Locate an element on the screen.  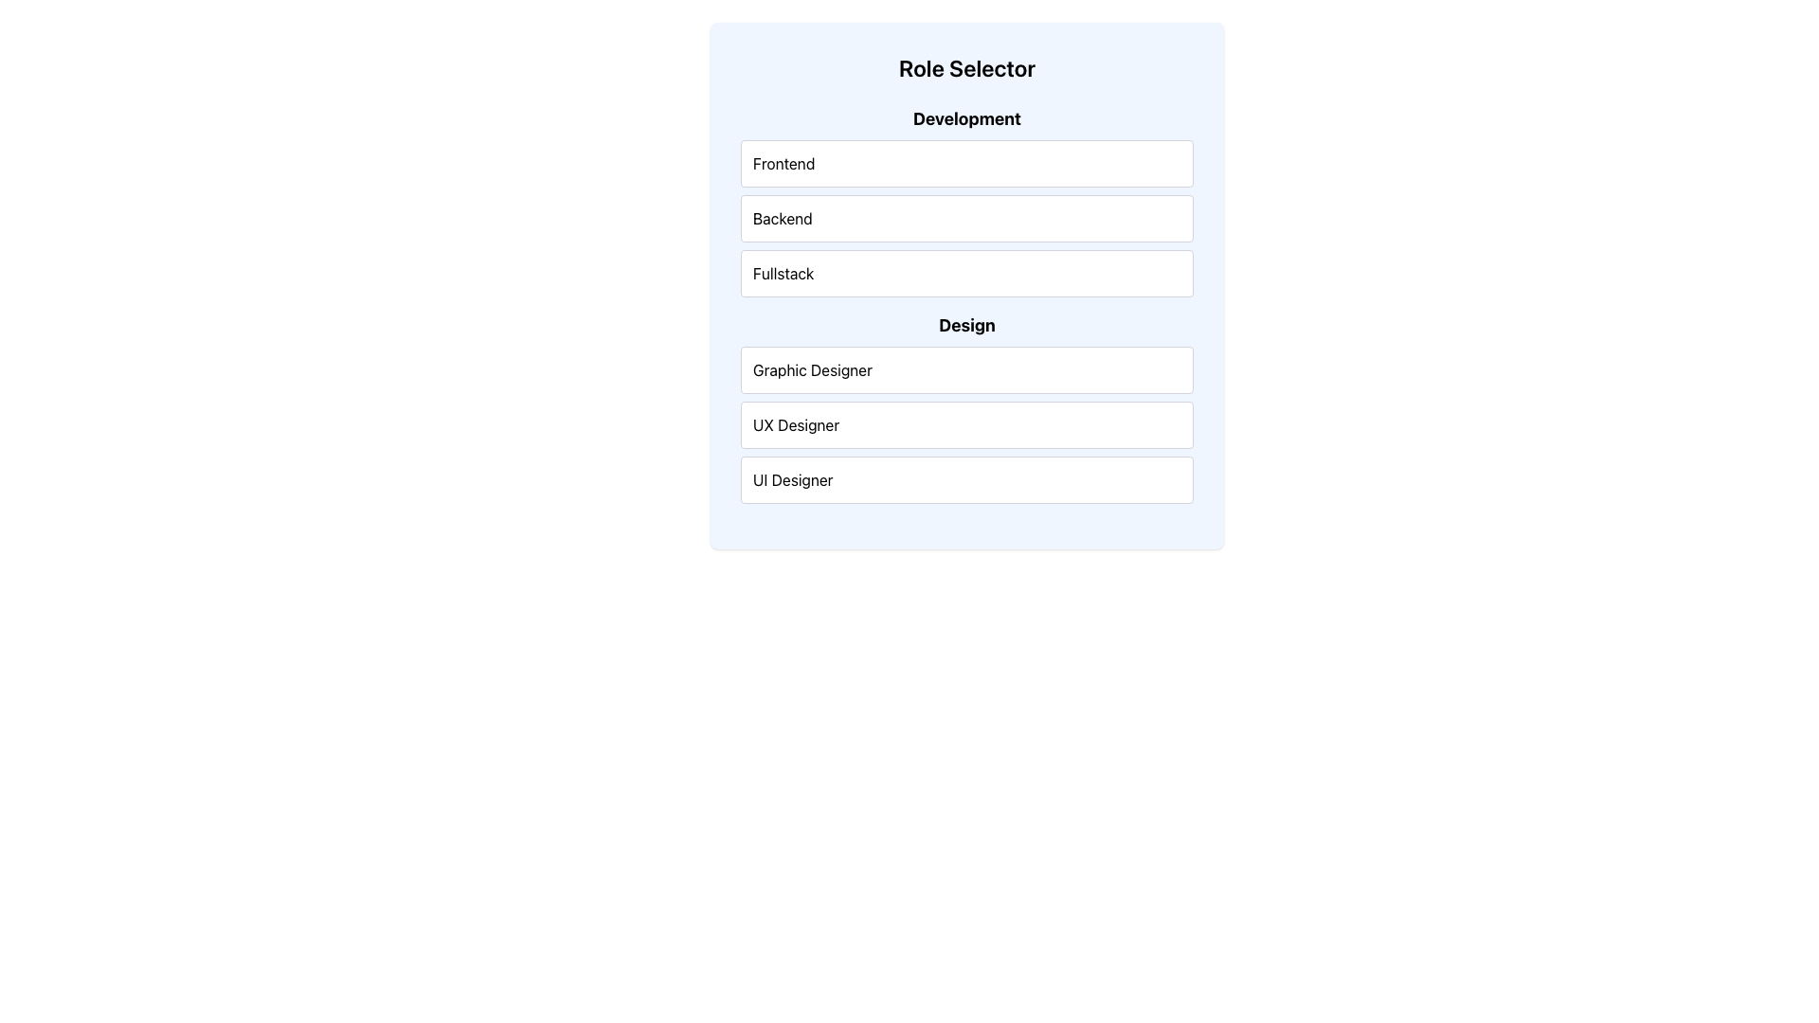
the 'Fullstack' role name text label located in the 'Development' section of the role selector interface is located at coordinates (783, 274).